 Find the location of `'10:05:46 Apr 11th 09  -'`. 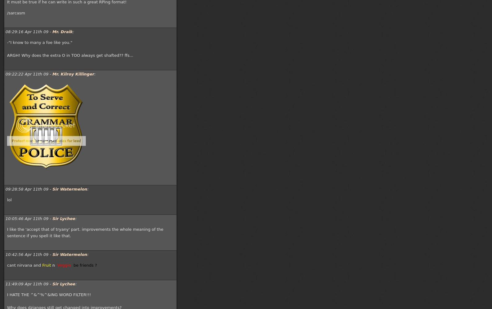

'10:05:46 Apr 11th 09  -' is located at coordinates (28, 218).